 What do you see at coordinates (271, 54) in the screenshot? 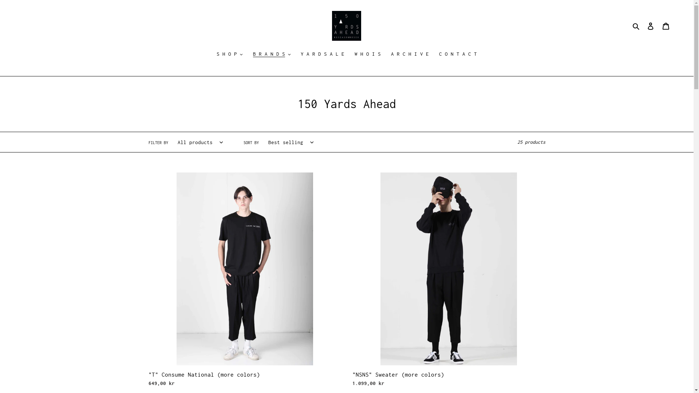
I see `'B R A N D S'` at bounding box center [271, 54].